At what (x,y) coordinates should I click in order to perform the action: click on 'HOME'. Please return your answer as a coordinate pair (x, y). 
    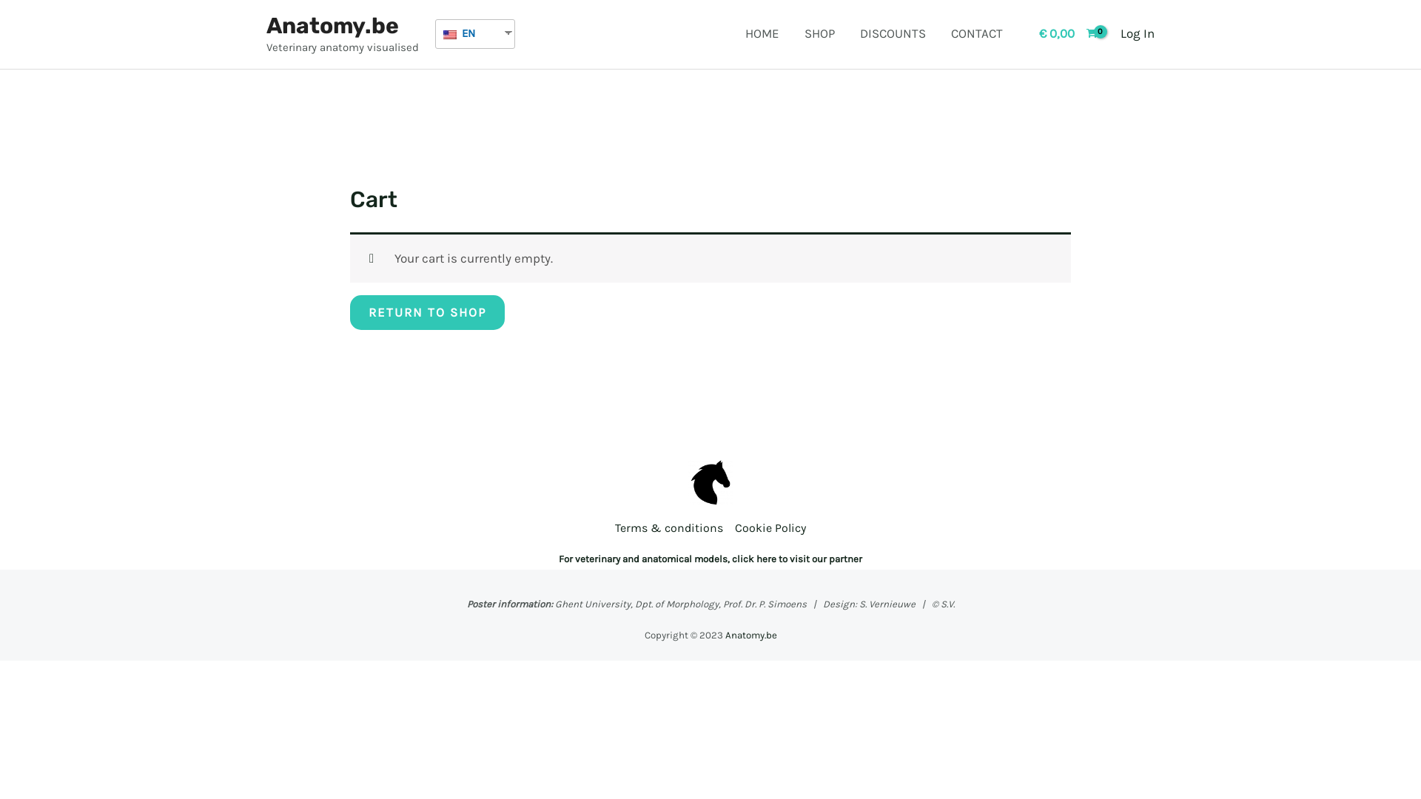
    Looking at the image, I should click on (762, 33).